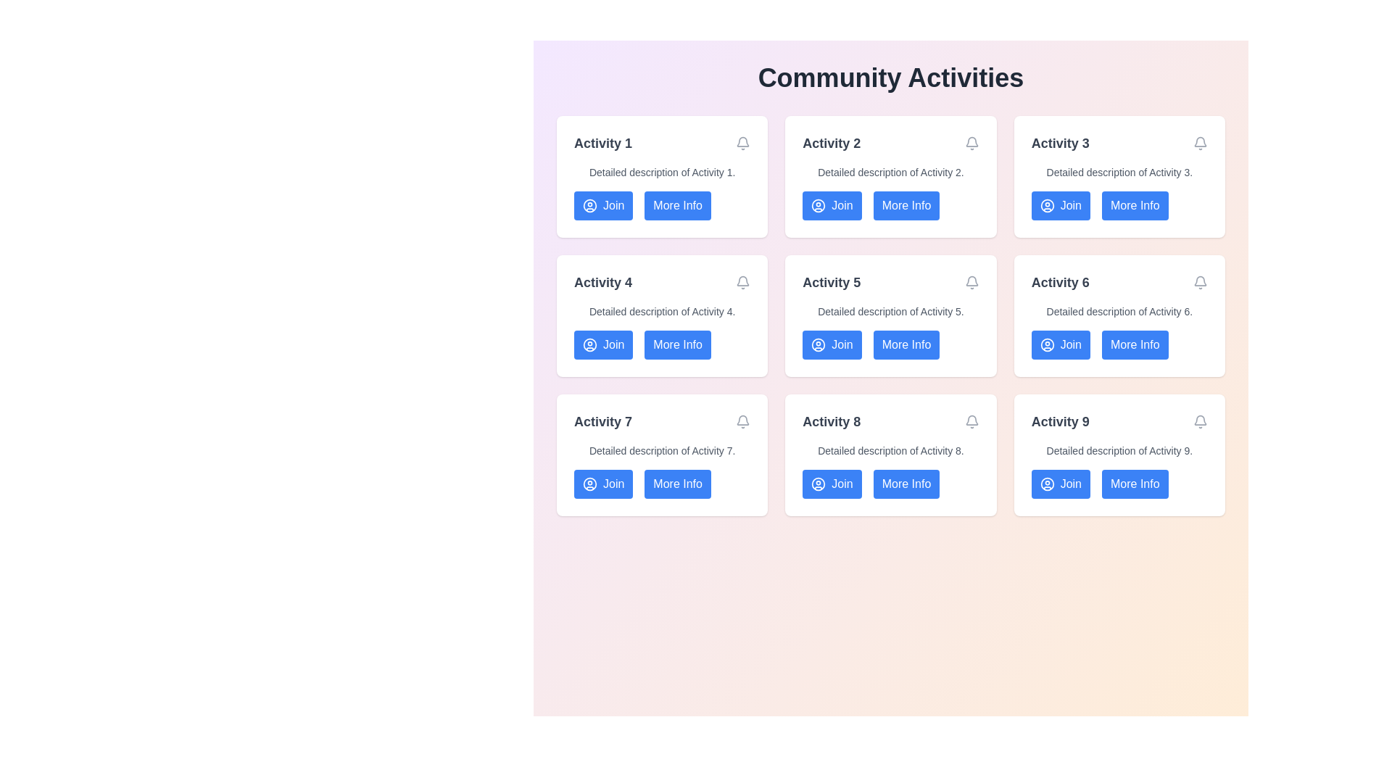 This screenshot has height=783, width=1392. What do you see at coordinates (1201, 419) in the screenshot?
I see `the bell-shaped notification icon located` at bounding box center [1201, 419].